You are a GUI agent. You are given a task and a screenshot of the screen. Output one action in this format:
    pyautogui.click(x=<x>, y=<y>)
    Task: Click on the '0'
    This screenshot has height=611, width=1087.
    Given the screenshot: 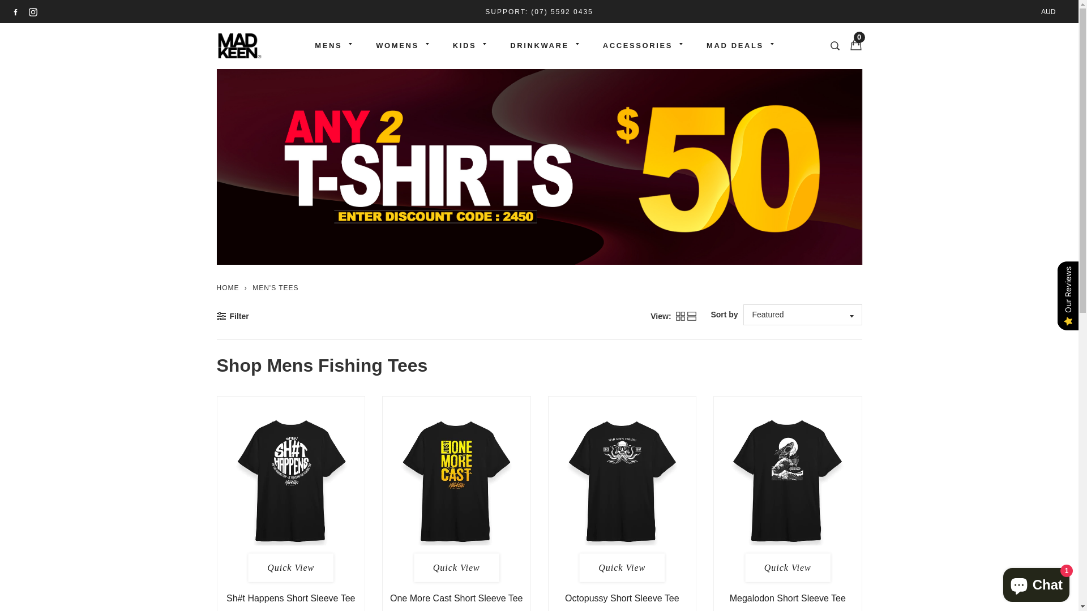 What is the action you would take?
    pyautogui.click(x=853, y=45)
    